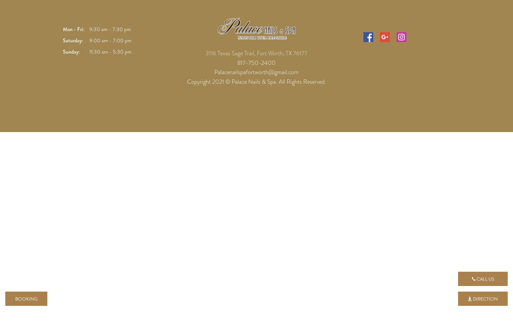  I want to click on 'Saturday:', so click(72, 40).